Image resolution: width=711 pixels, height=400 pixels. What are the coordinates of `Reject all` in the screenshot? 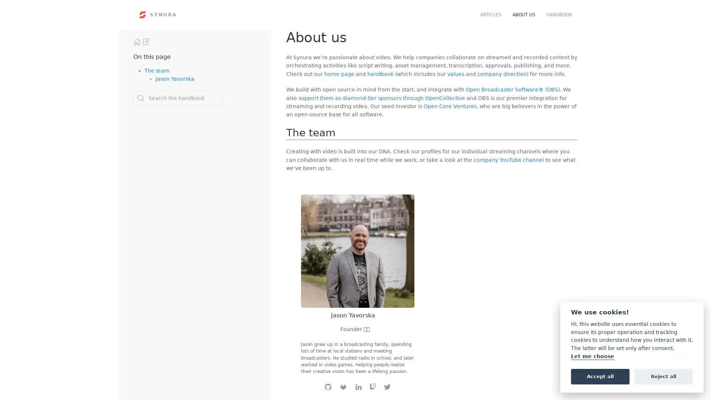 It's located at (663, 376).